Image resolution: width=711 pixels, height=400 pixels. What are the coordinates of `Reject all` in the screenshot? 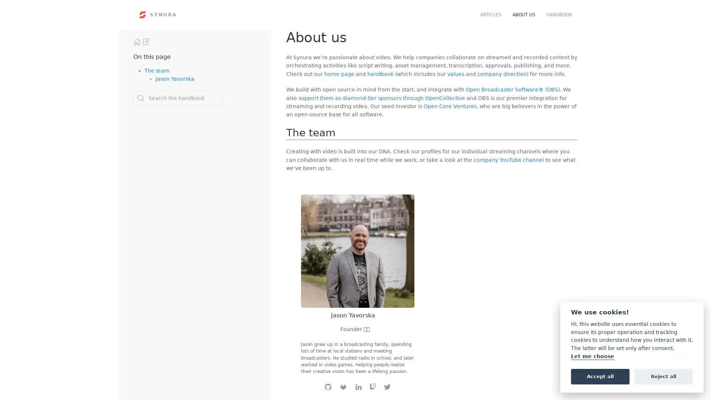 It's located at (663, 376).